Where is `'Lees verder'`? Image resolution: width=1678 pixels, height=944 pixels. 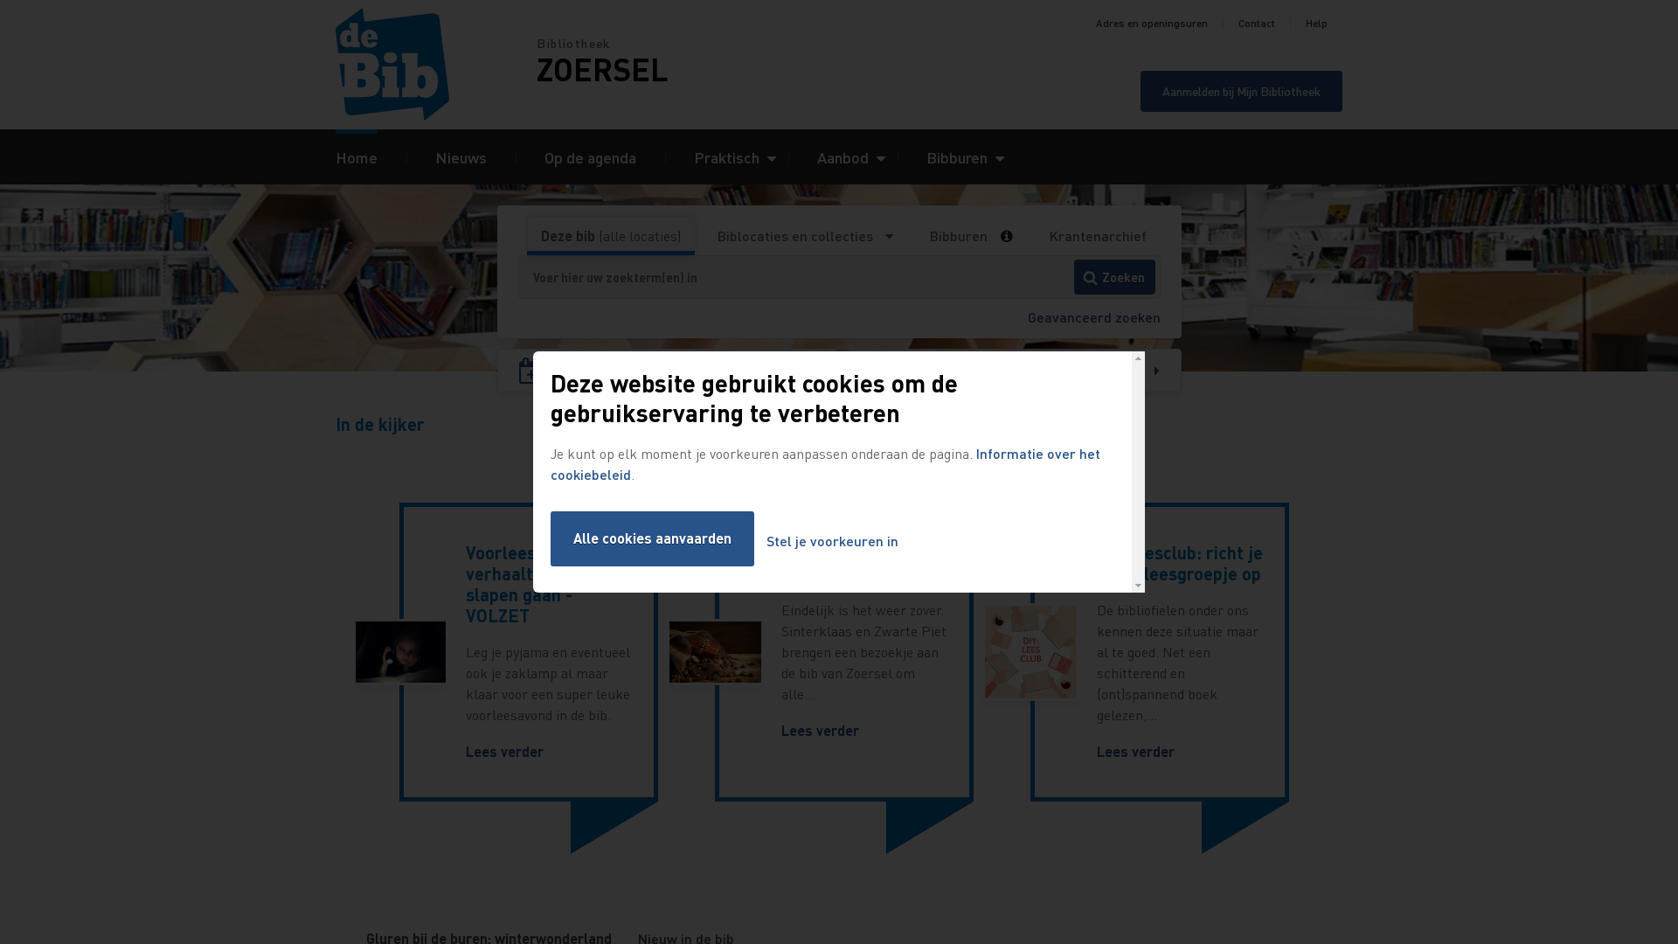
'Lees verder' is located at coordinates (503, 750).